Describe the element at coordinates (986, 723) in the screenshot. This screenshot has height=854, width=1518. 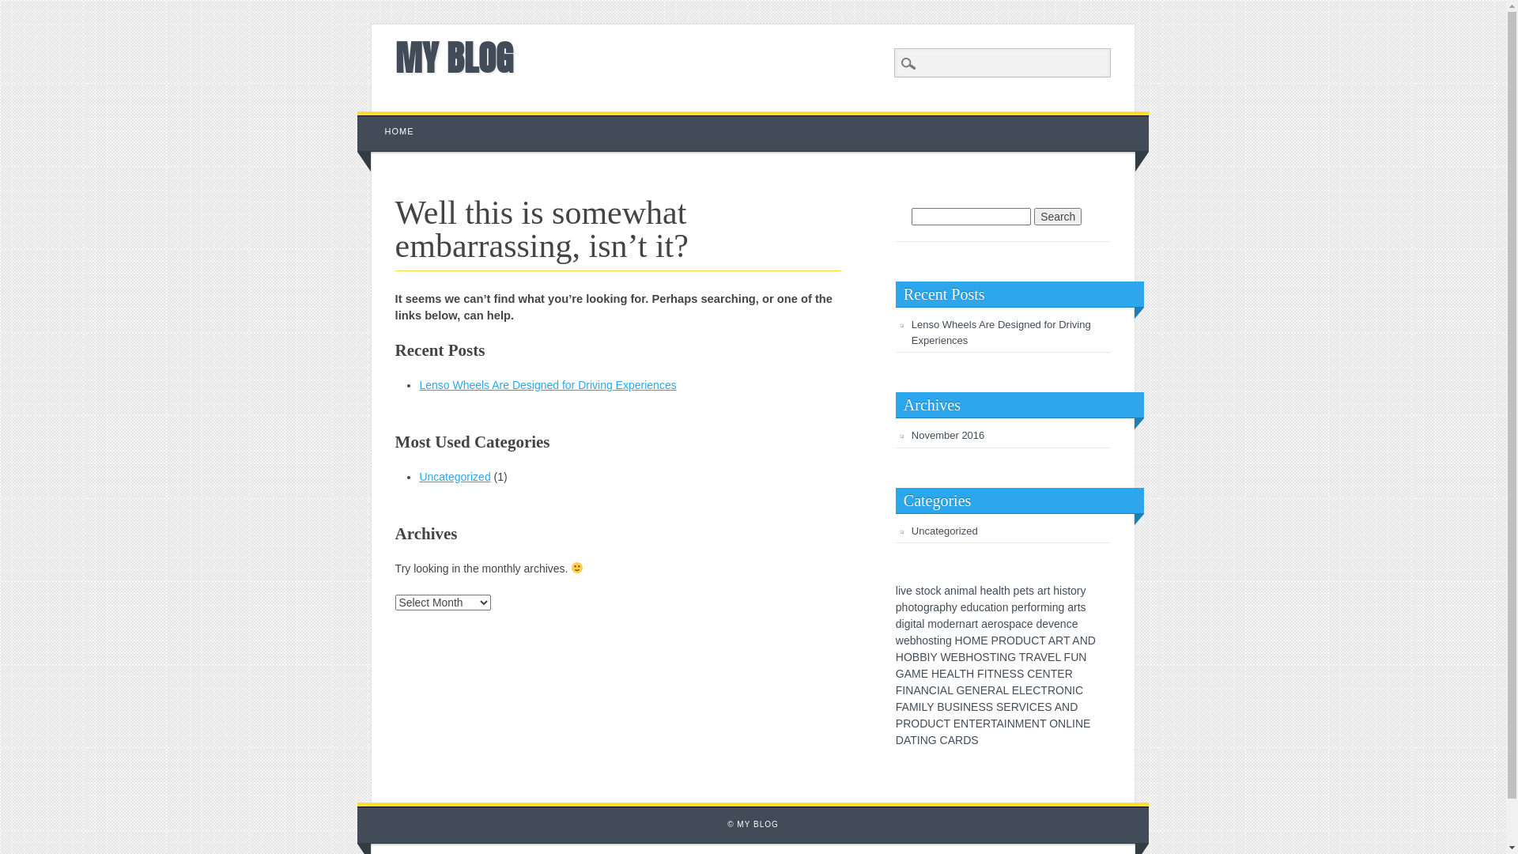
I see `'R'` at that location.